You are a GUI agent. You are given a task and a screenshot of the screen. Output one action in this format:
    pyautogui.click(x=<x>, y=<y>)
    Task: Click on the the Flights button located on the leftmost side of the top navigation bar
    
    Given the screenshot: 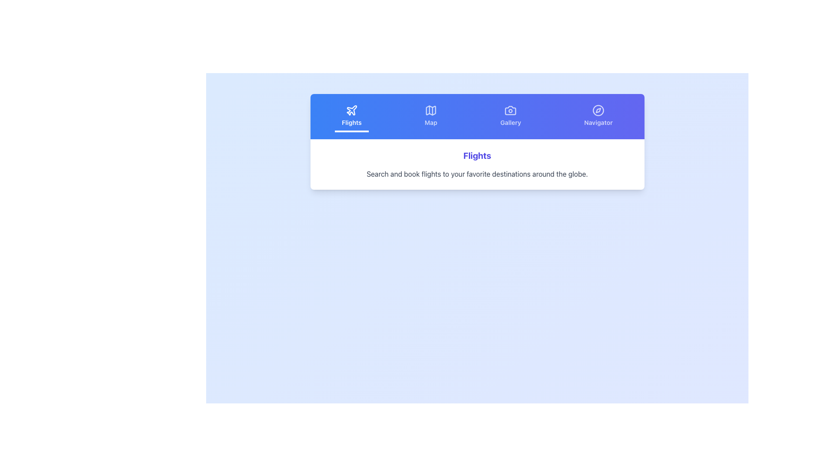 What is the action you would take?
    pyautogui.click(x=351, y=116)
    